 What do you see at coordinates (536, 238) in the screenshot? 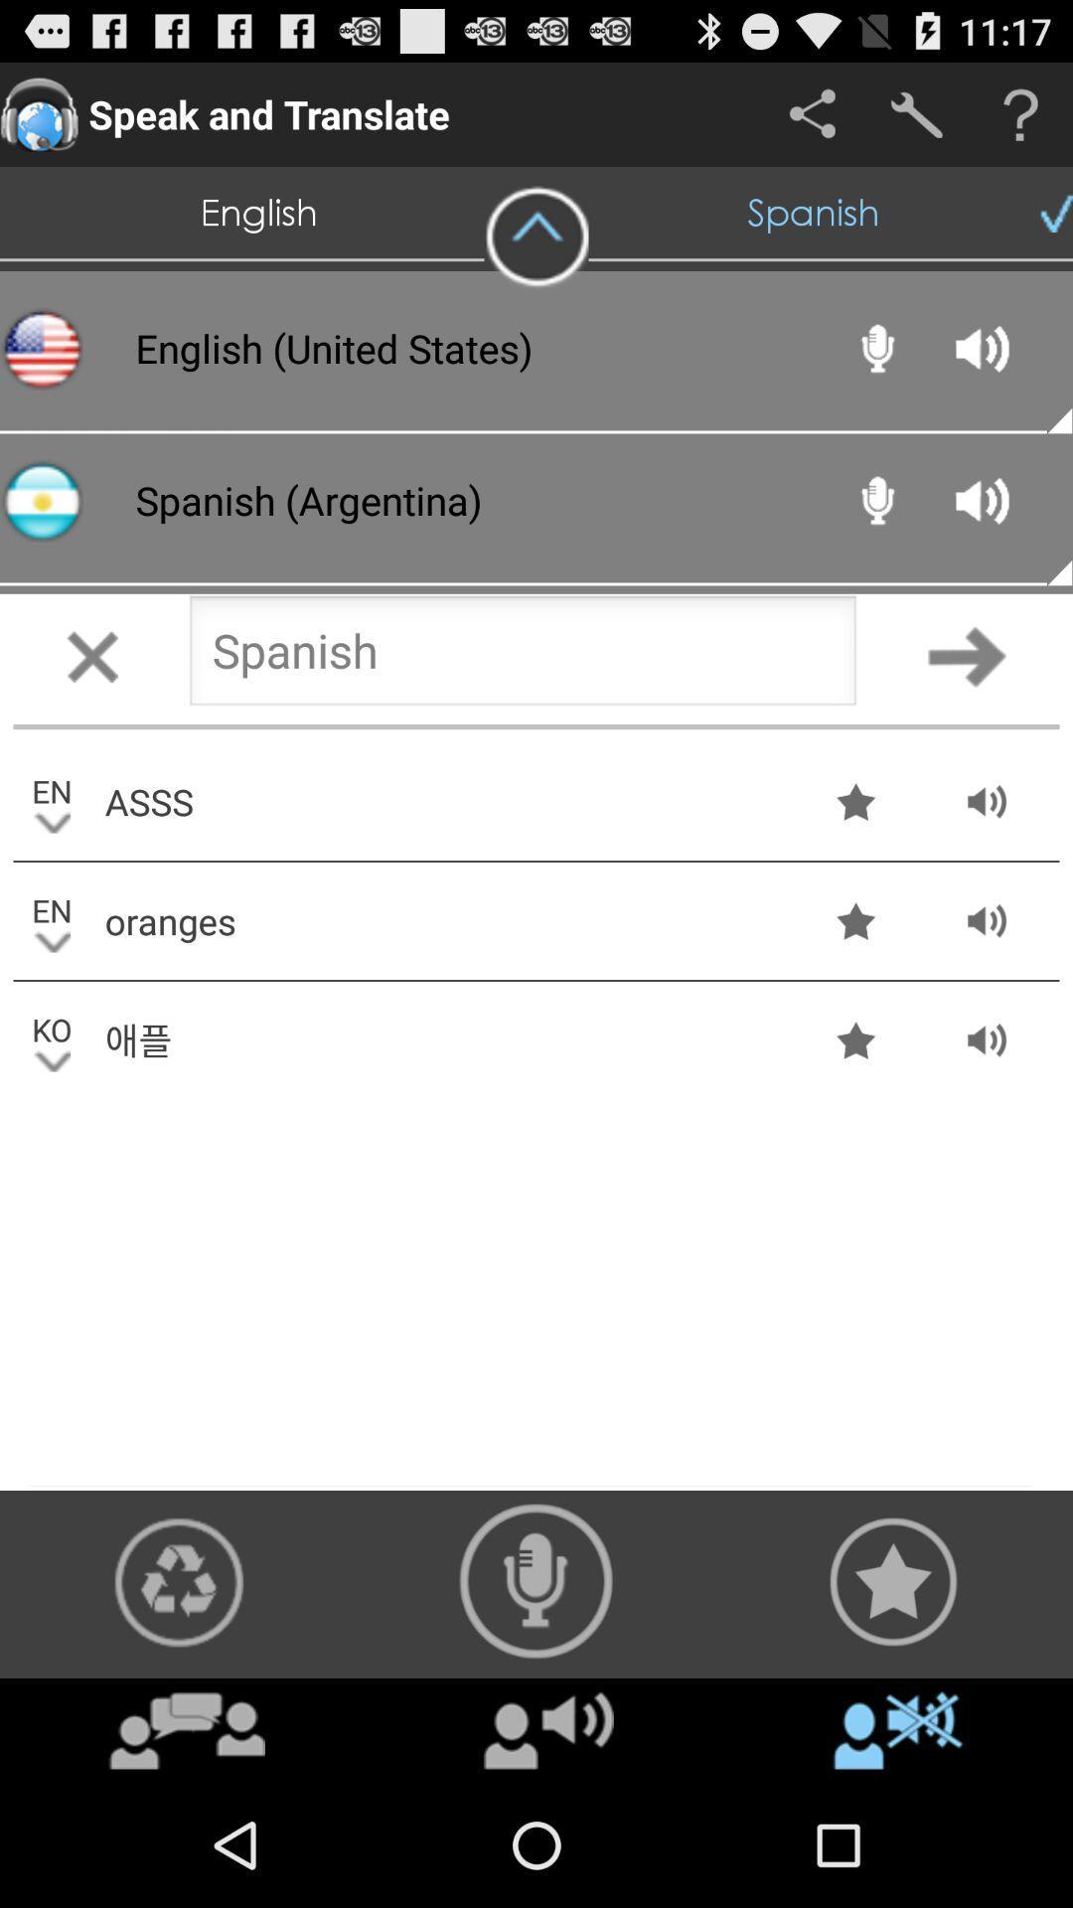
I see `item next to spanish icon` at bounding box center [536, 238].